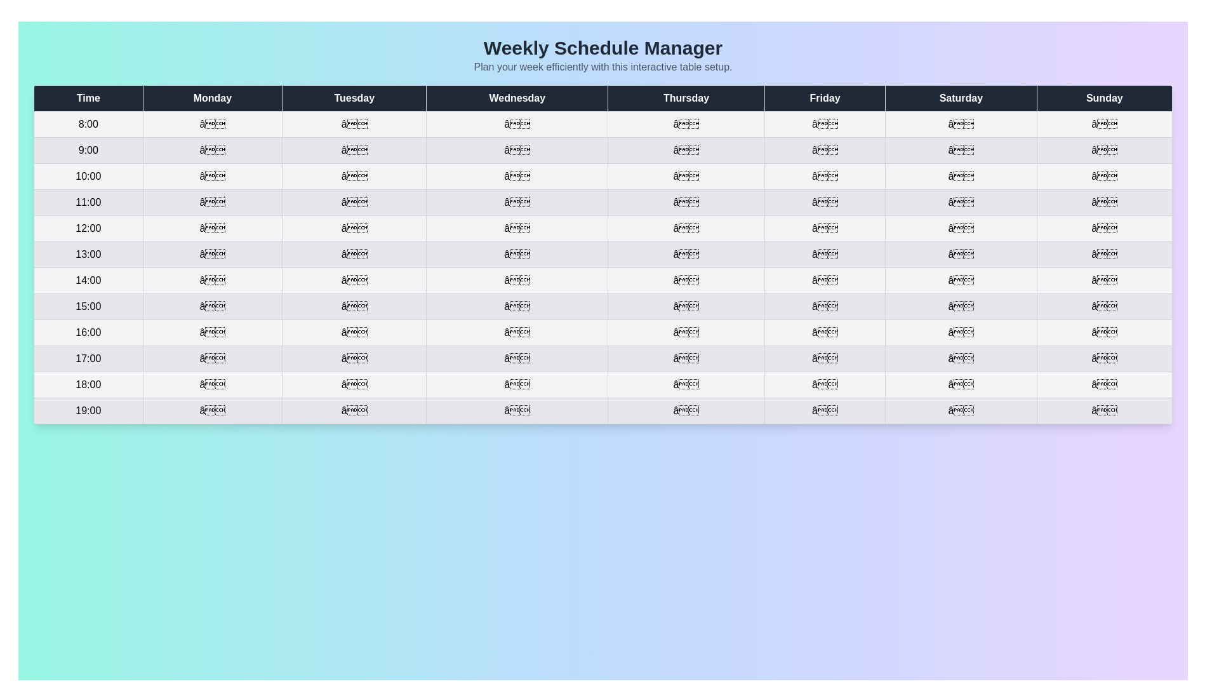  Describe the element at coordinates (517, 97) in the screenshot. I see `the header cell labeled Wednesday to sort by that column` at that location.